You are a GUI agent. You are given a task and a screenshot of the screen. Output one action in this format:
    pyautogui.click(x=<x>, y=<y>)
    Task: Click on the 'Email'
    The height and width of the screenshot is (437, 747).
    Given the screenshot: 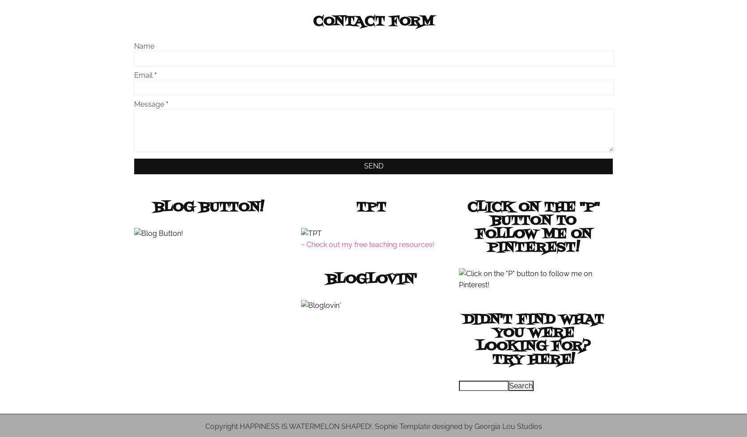 What is the action you would take?
    pyautogui.click(x=133, y=75)
    